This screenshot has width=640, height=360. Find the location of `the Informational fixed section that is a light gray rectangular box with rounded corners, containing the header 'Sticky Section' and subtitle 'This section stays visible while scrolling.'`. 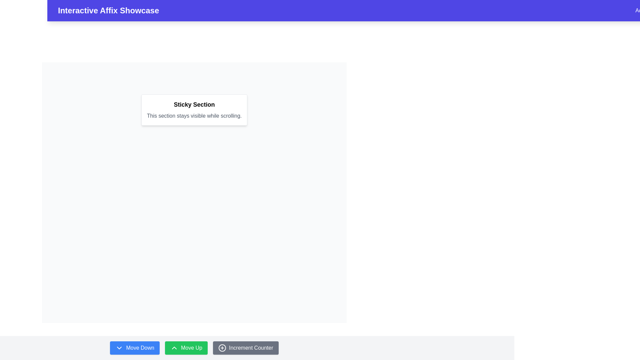

the Informational fixed section that is a light gray rectangular box with rounded corners, containing the header 'Sticky Section' and subtitle 'This section stays visible while scrolling.' is located at coordinates (194, 110).